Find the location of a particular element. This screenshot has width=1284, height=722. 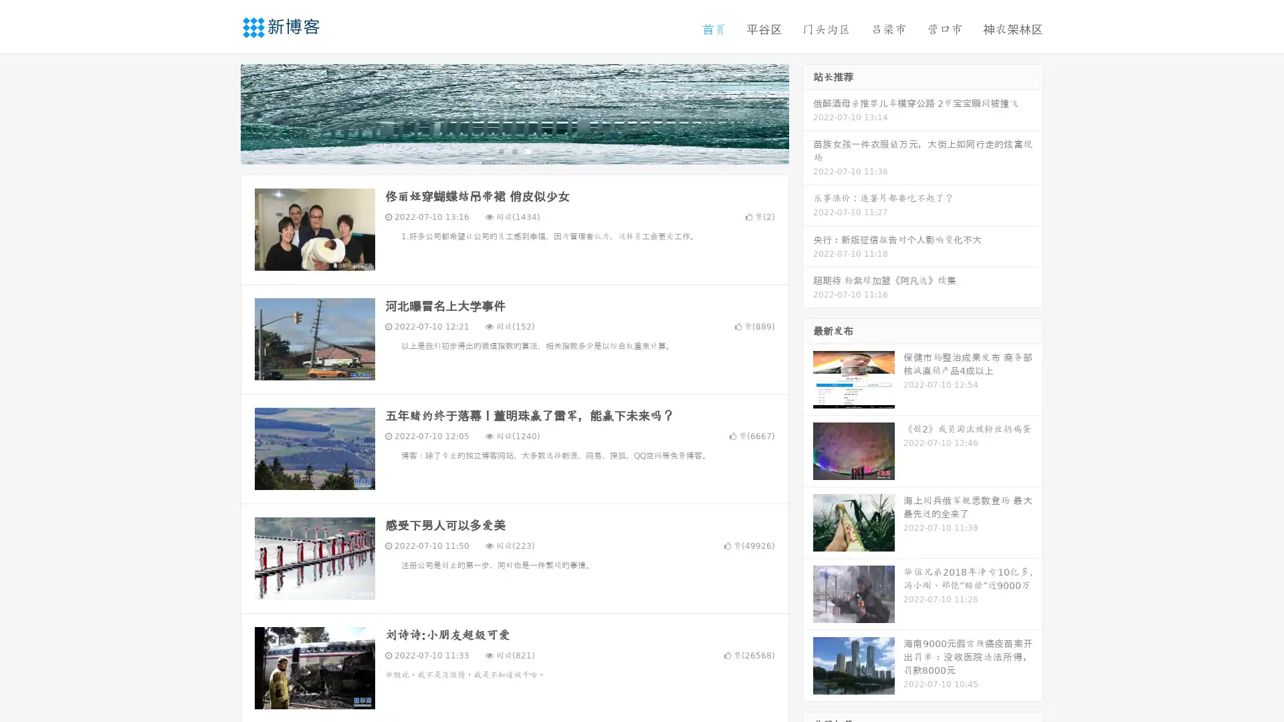

Previous slide is located at coordinates (221, 112).